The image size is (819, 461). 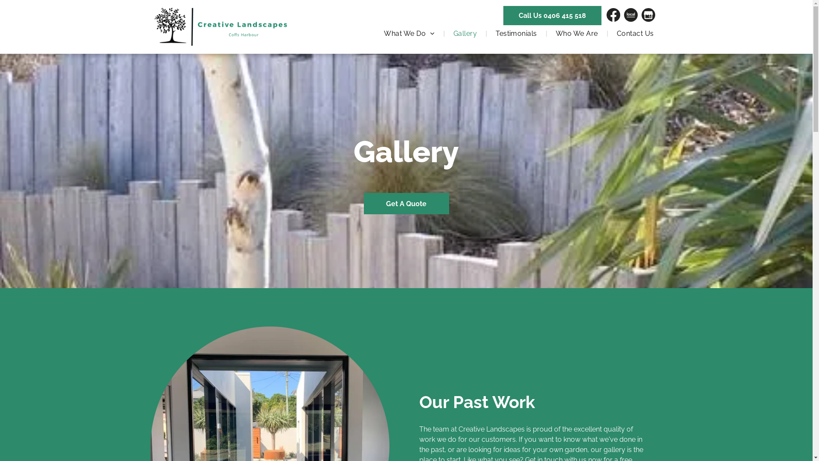 What do you see at coordinates (613, 15) in the screenshot?
I see `'Find Us On Facebook'` at bounding box center [613, 15].